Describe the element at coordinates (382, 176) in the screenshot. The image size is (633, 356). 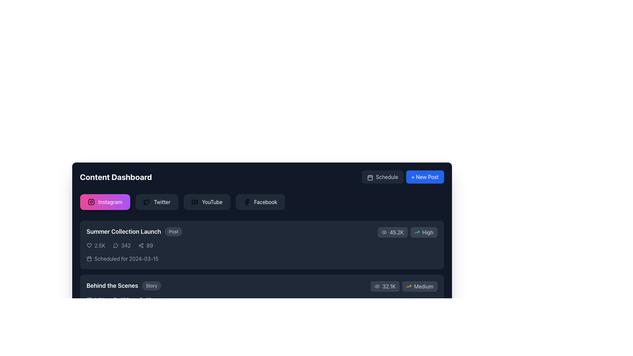
I see `the leftmost button in the top-right horizontal button group to observe visual changes` at that location.